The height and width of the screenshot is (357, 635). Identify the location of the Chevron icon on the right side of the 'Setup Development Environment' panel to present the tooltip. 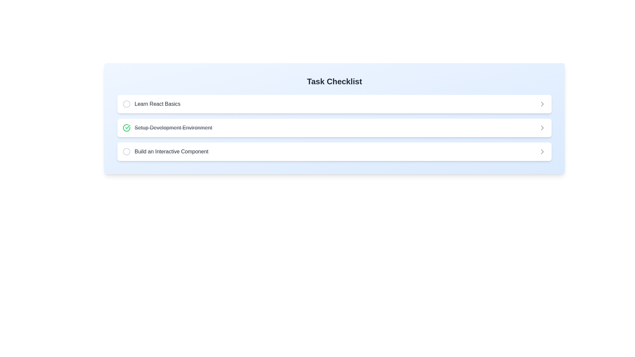
(542, 128).